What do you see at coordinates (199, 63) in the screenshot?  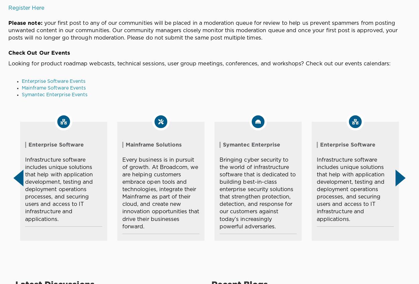 I see `'Looking for product roadmap webcasts, technical sessions, user group meetings, conferences, and workshops? Check out our events calendars:'` at bounding box center [199, 63].